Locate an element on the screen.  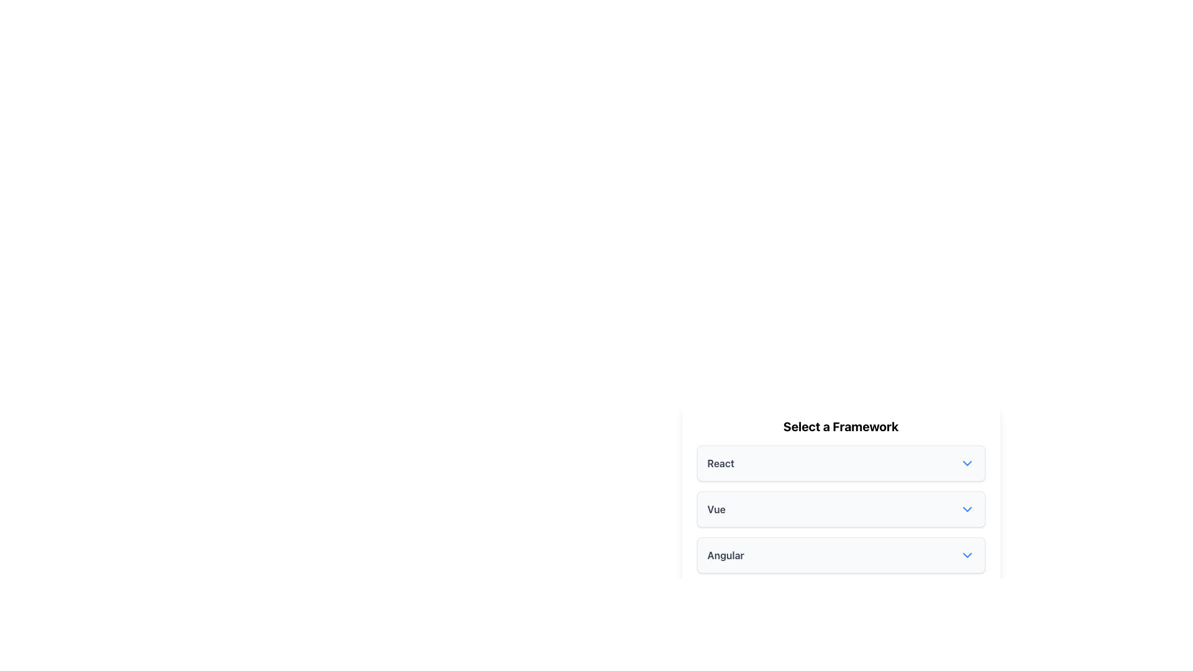
the text label displaying 'Vue', which is the second option in the 'Select a Framework' list, styled in bold with dark gray color is located at coordinates (716, 509).